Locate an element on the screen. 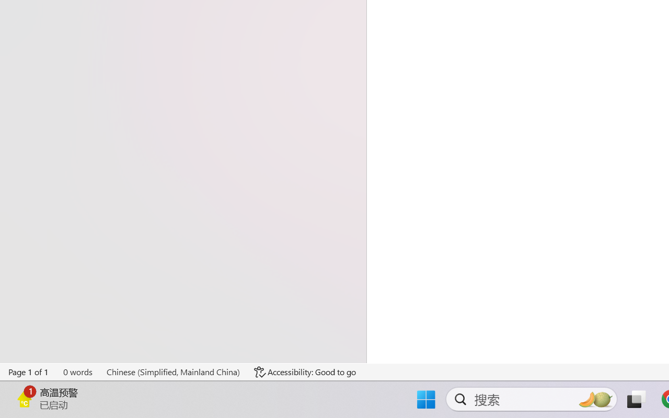 The image size is (669, 418). 'Language Chinese (Simplified, Mainland China)' is located at coordinates (173, 371).